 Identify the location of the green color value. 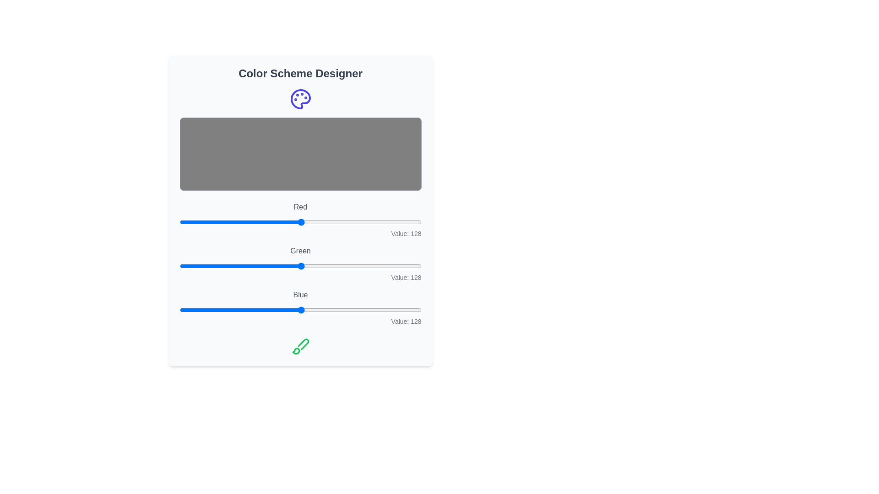
(363, 266).